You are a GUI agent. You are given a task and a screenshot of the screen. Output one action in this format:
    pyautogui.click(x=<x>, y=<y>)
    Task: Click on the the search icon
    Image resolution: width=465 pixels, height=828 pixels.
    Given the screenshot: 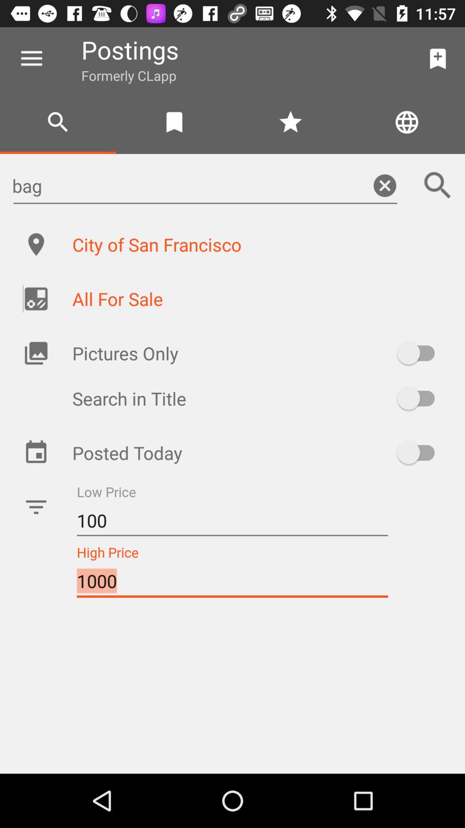 What is the action you would take?
    pyautogui.click(x=438, y=185)
    